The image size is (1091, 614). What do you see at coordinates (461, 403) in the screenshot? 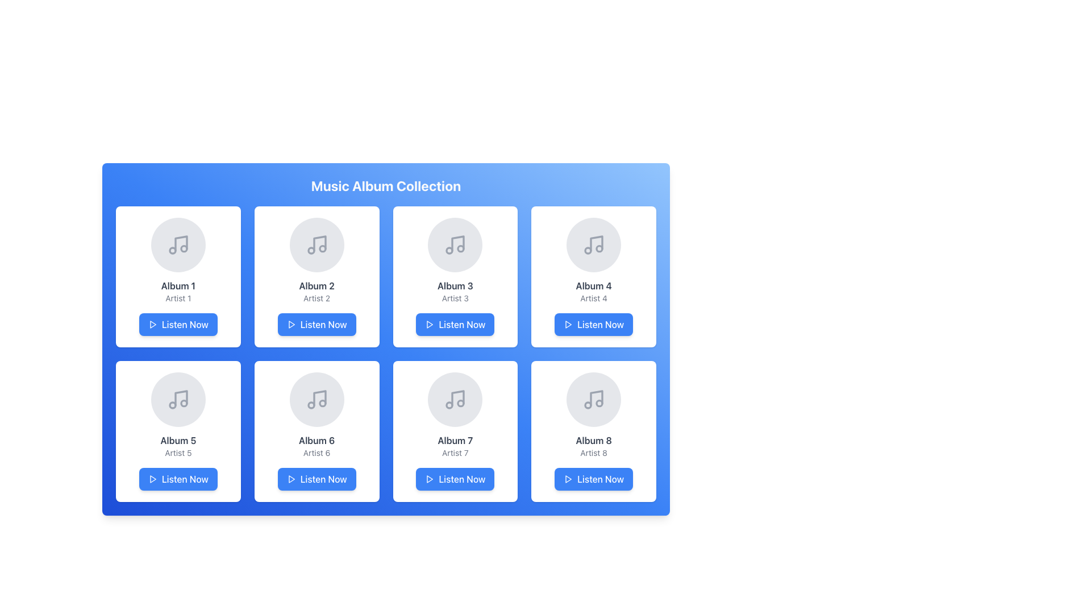
I see `the small circular SVG shape located at the lower part of the musical note icon representing 'Album 7'` at bounding box center [461, 403].